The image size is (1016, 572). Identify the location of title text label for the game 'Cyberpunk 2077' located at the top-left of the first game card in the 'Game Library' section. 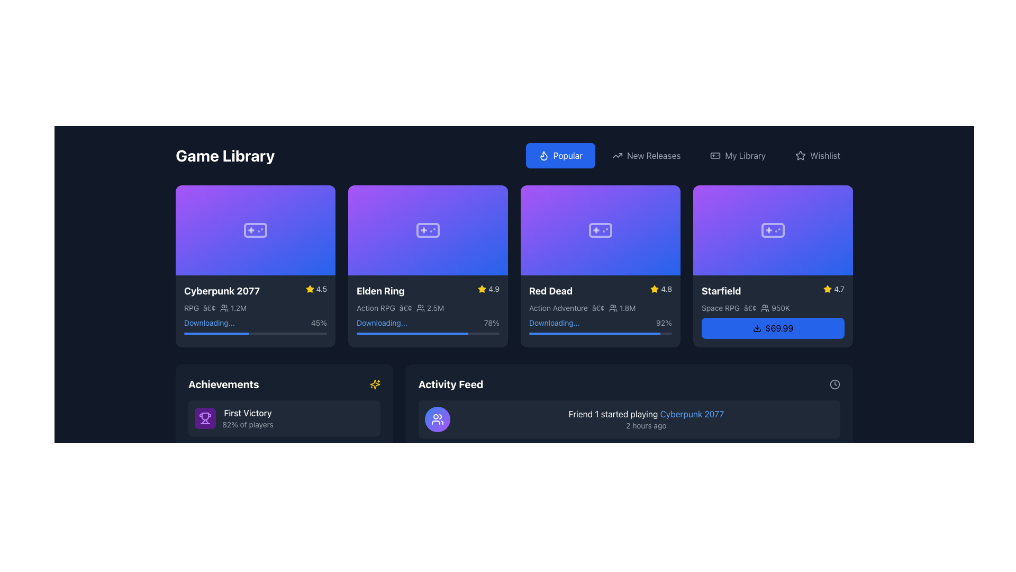
(221, 291).